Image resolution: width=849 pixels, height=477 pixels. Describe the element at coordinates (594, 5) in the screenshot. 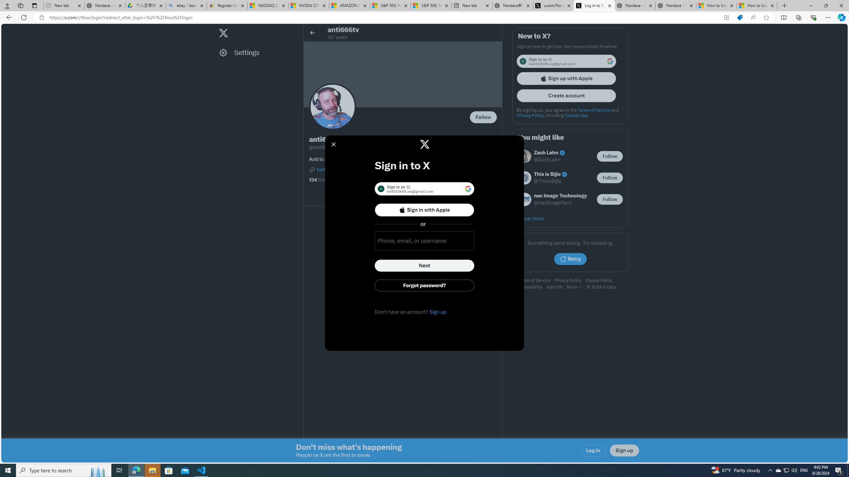

I see `'Log in to X / X'` at that location.